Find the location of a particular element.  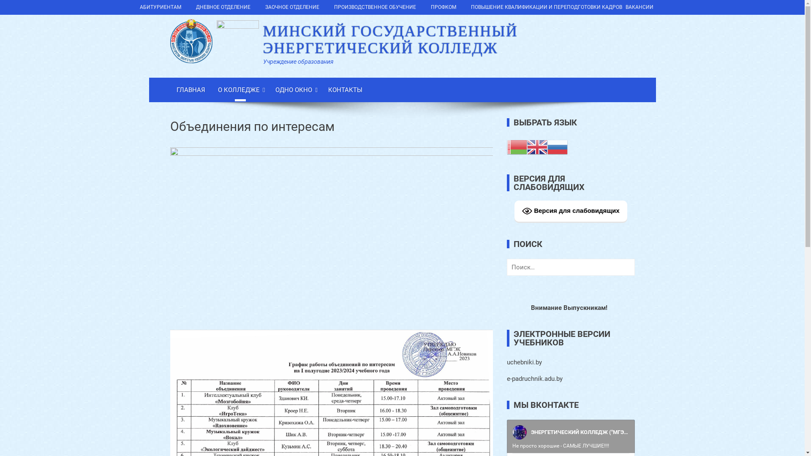

'English' is located at coordinates (537, 146).